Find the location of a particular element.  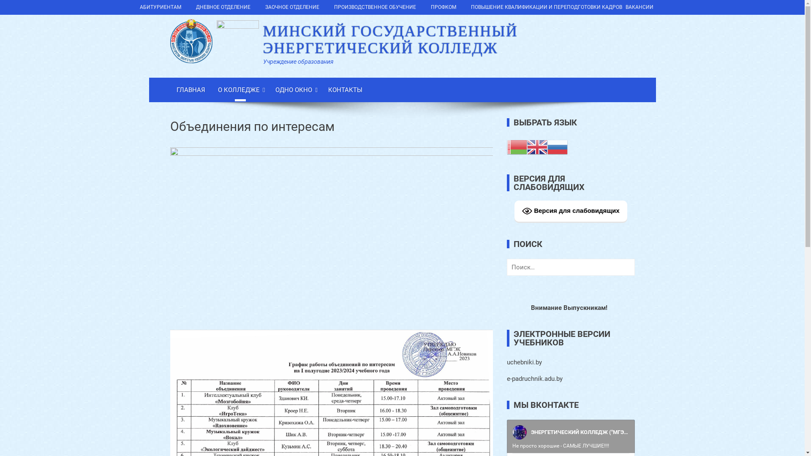

'English' is located at coordinates (537, 146).